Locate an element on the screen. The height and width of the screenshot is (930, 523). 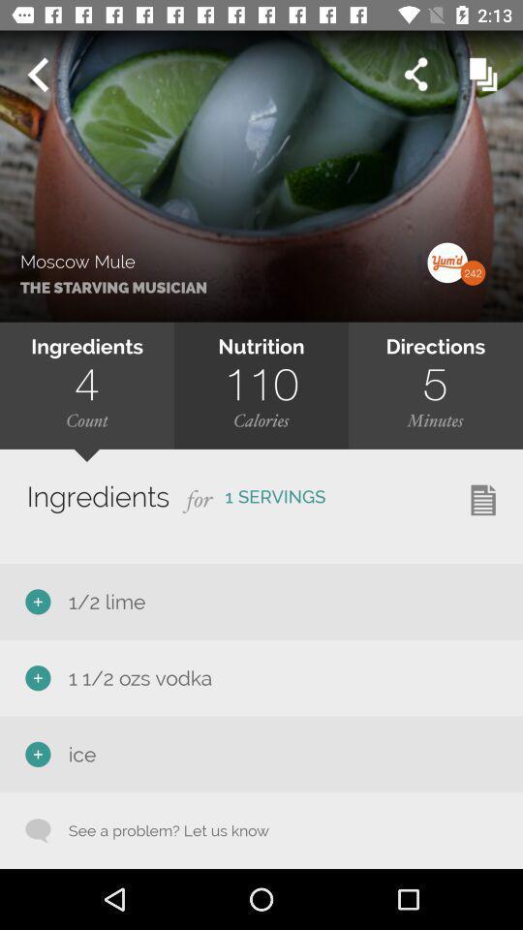
the see a problem is located at coordinates (159, 829).